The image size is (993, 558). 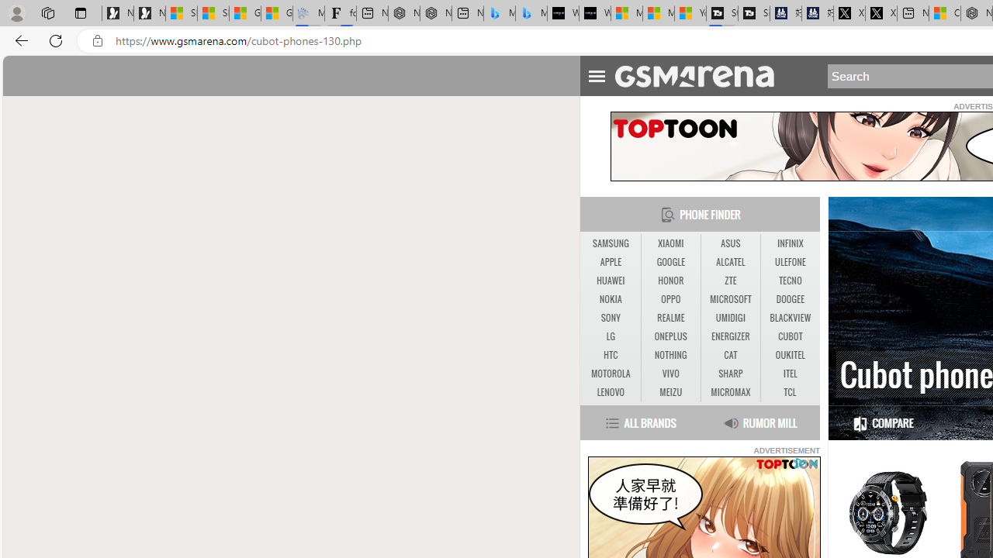 I want to click on 'HONOR', so click(x=670, y=281).